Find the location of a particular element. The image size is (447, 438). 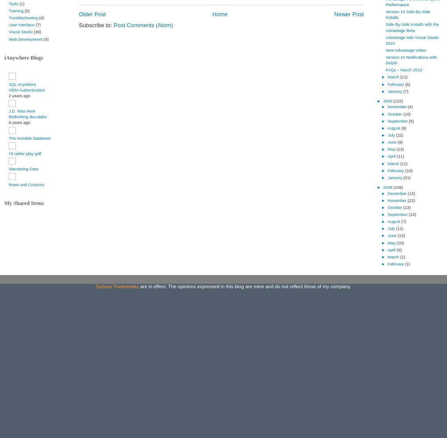

'Visual Studio' is located at coordinates (21, 31).